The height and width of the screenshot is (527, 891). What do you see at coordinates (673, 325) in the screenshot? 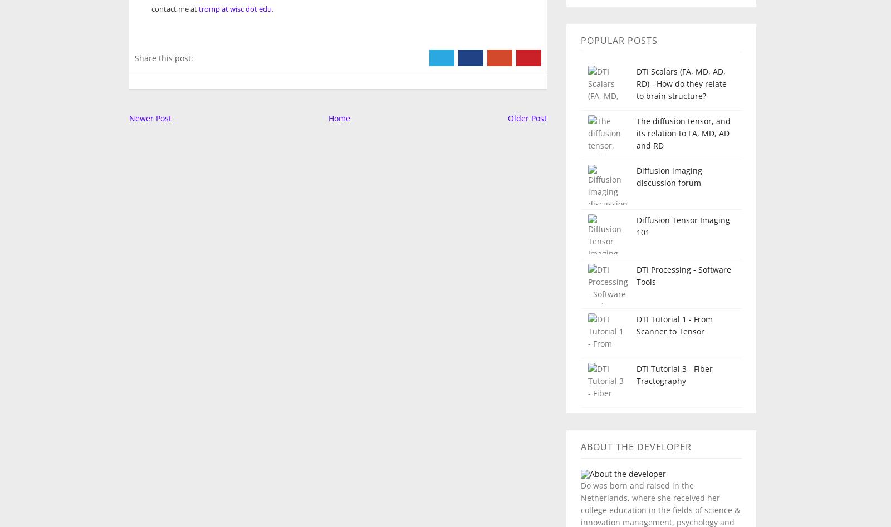
I see `'DTI Tutorial 1 - From Scanner to Tensor'` at bounding box center [673, 325].